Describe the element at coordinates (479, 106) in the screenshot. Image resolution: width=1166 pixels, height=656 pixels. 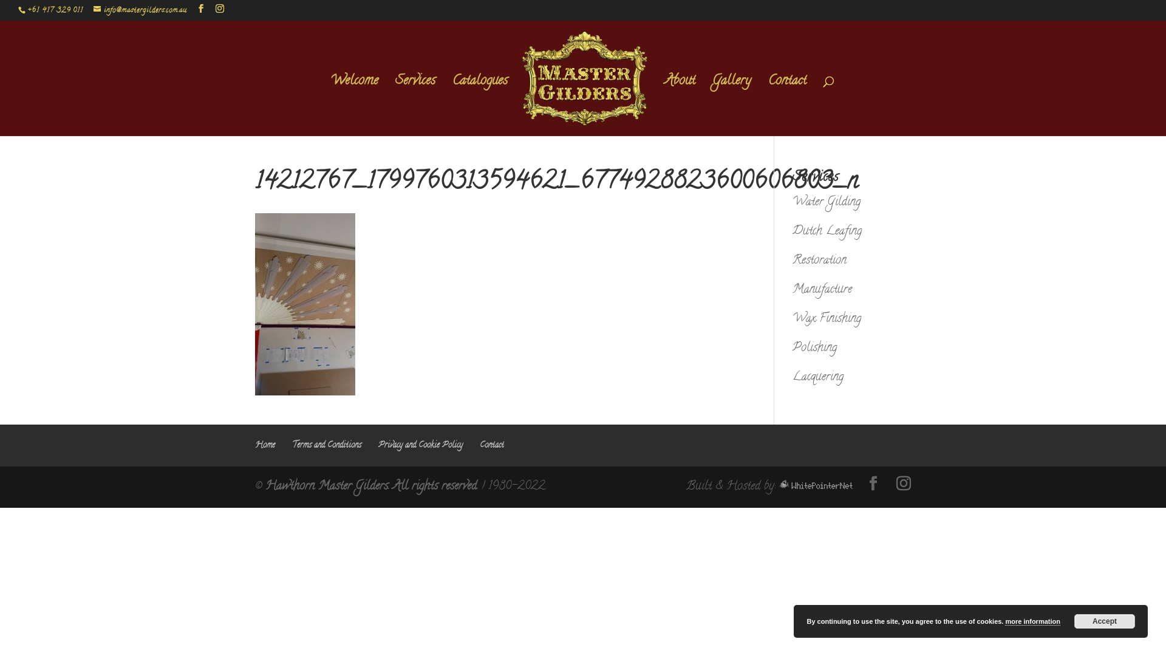
I see `'Catalogues'` at that location.